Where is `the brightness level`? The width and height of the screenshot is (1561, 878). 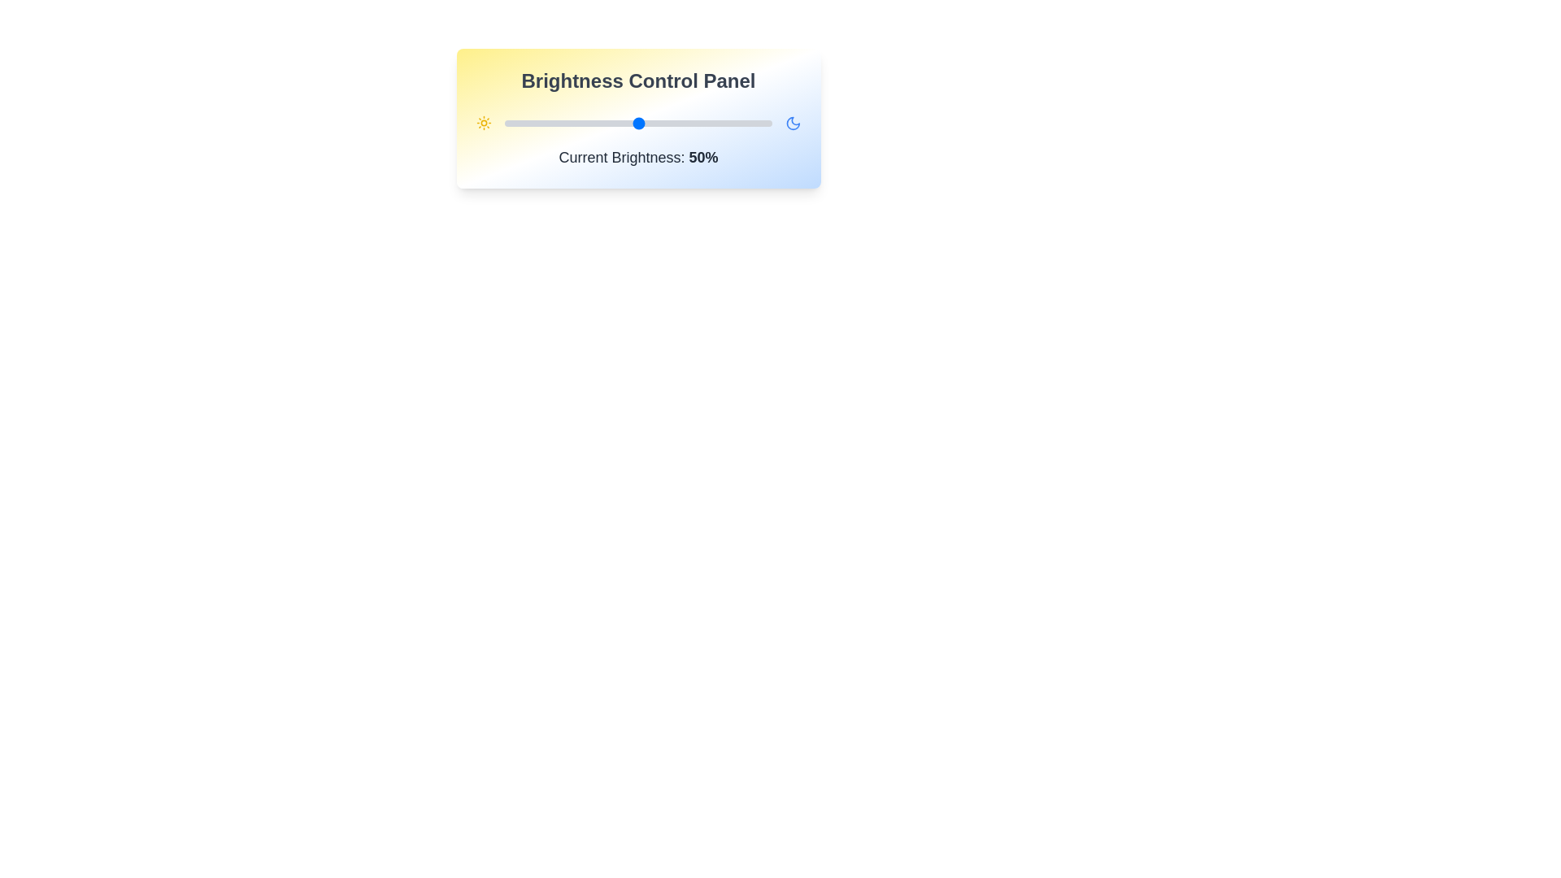 the brightness level is located at coordinates (758, 122).